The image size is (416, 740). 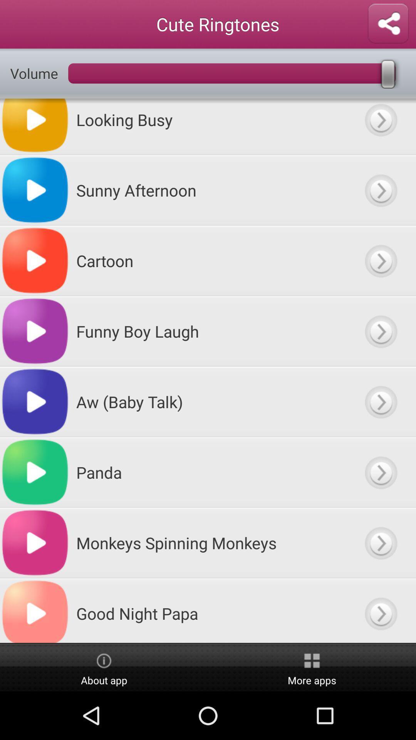 I want to click on next, so click(x=380, y=261).